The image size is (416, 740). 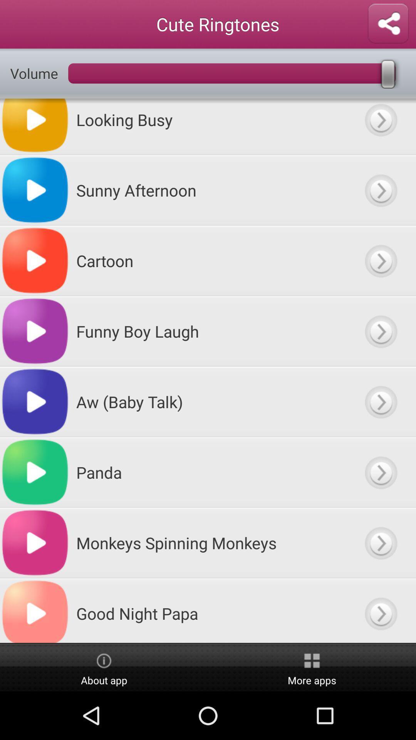 I want to click on next, so click(x=380, y=261).